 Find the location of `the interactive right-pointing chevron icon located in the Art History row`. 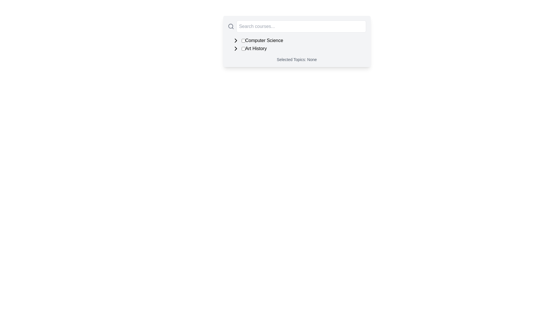

the interactive right-pointing chevron icon located in the Art History row is located at coordinates (236, 48).